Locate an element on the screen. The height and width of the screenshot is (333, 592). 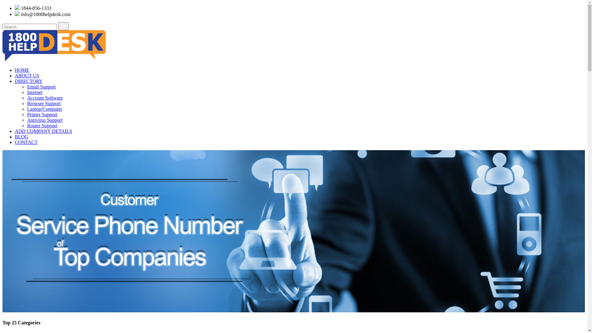
'CONTACT' is located at coordinates (26, 142).